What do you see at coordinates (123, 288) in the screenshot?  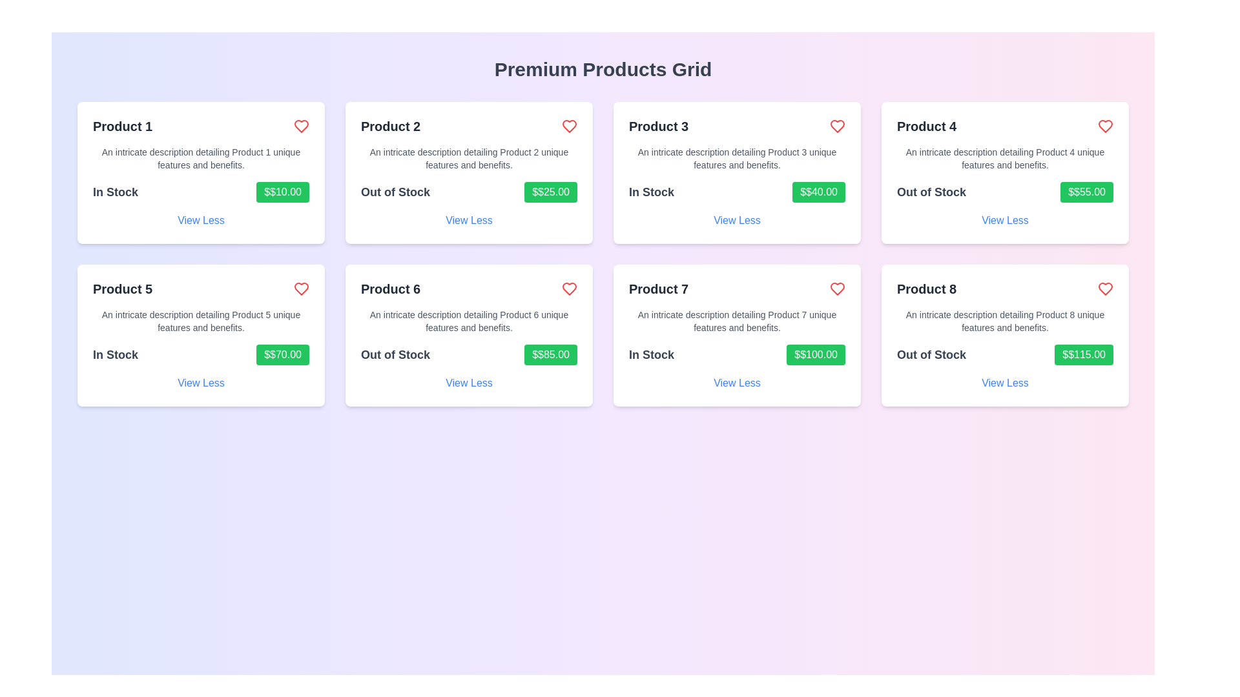 I see `the product name text label located at the top-left of the product card in the second row of the grid layout` at bounding box center [123, 288].